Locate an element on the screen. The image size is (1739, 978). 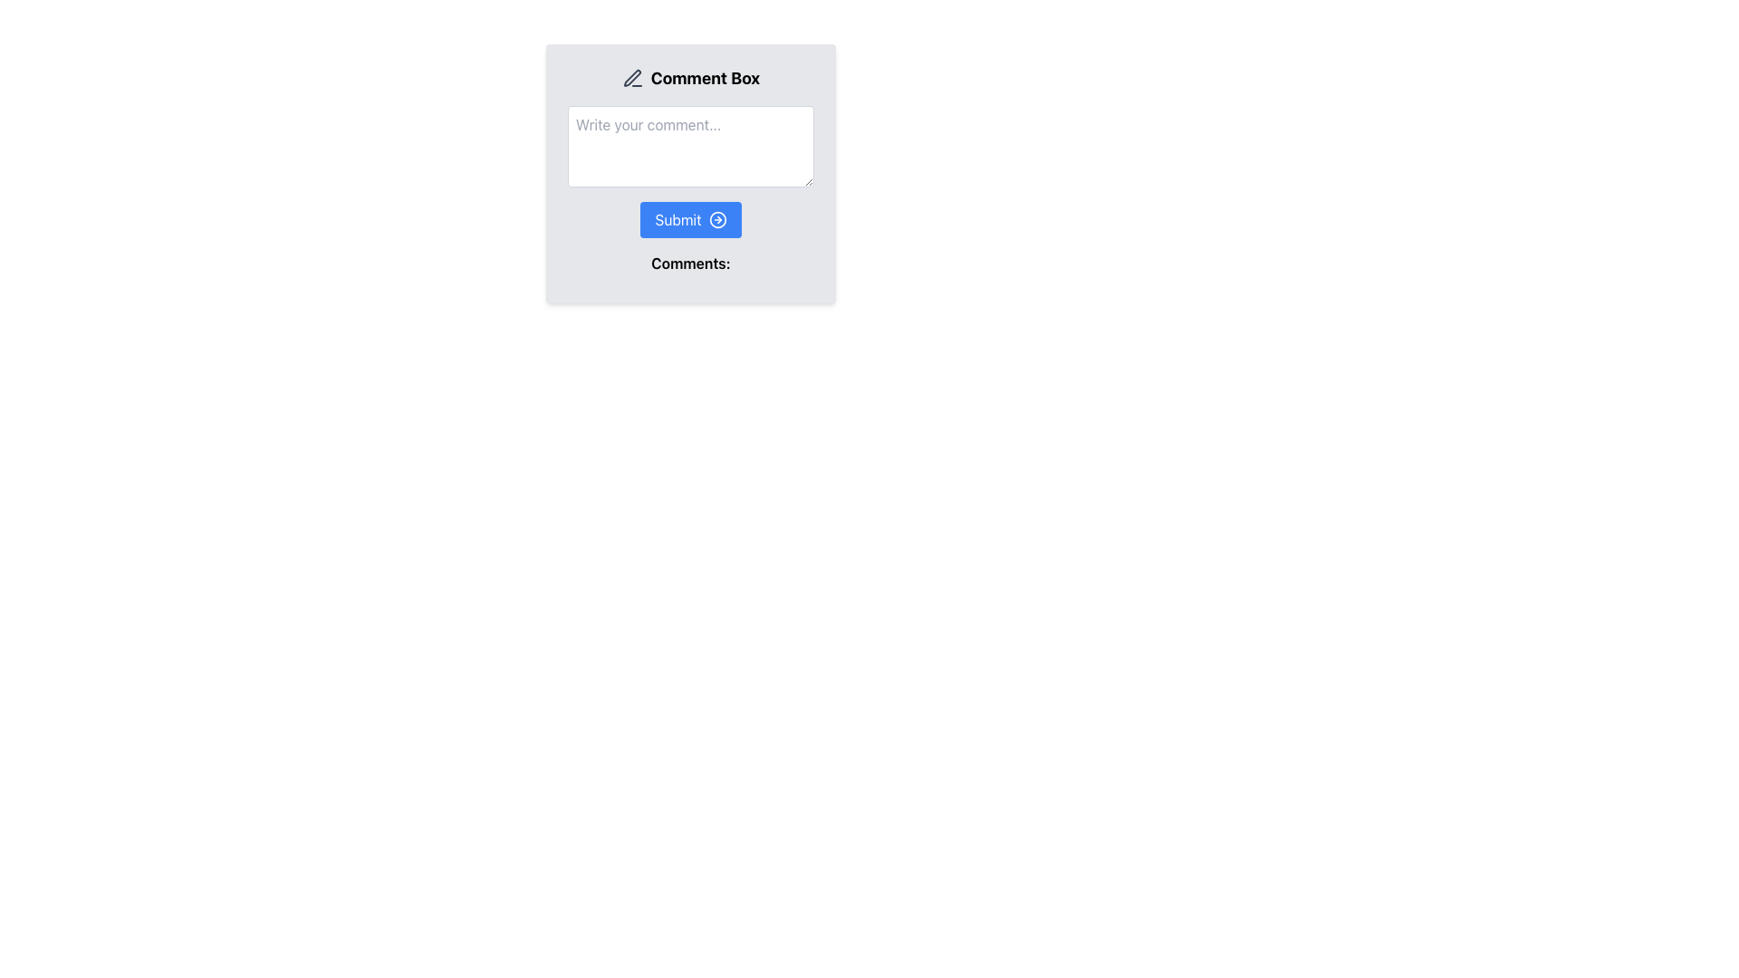
the pen icon located to the left of the 'Comment Box' title in the user interface, which is styled with minimalistic gray outline is located at coordinates (632, 78).